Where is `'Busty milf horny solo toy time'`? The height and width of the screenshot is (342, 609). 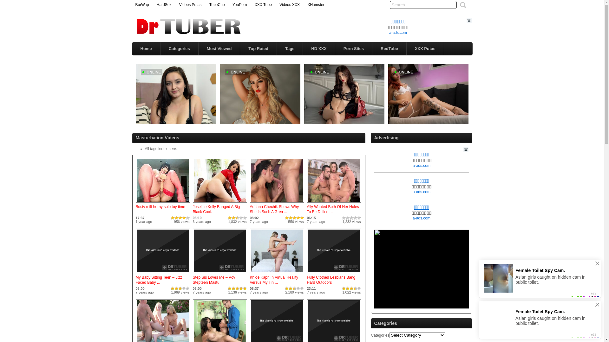
'Busty milf horny solo toy time' is located at coordinates (163, 203).